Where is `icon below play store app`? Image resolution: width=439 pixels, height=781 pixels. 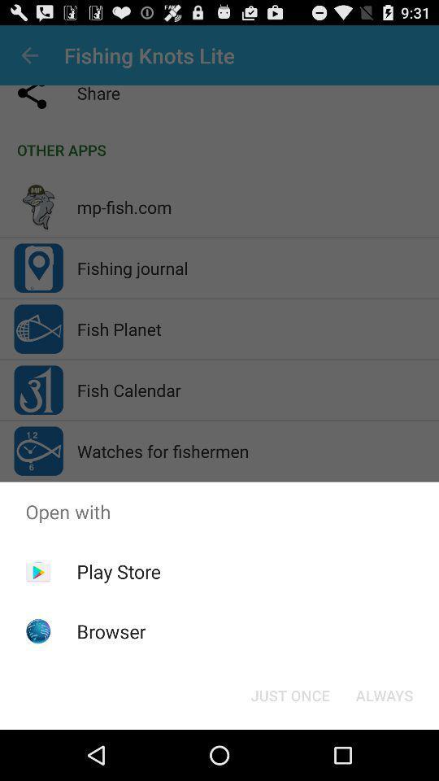
icon below play store app is located at coordinates (111, 630).